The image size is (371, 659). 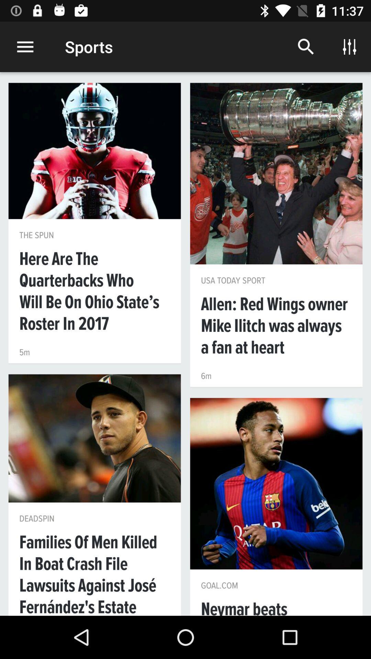 What do you see at coordinates (25, 46) in the screenshot?
I see `the item to the left of sports icon` at bounding box center [25, 46].